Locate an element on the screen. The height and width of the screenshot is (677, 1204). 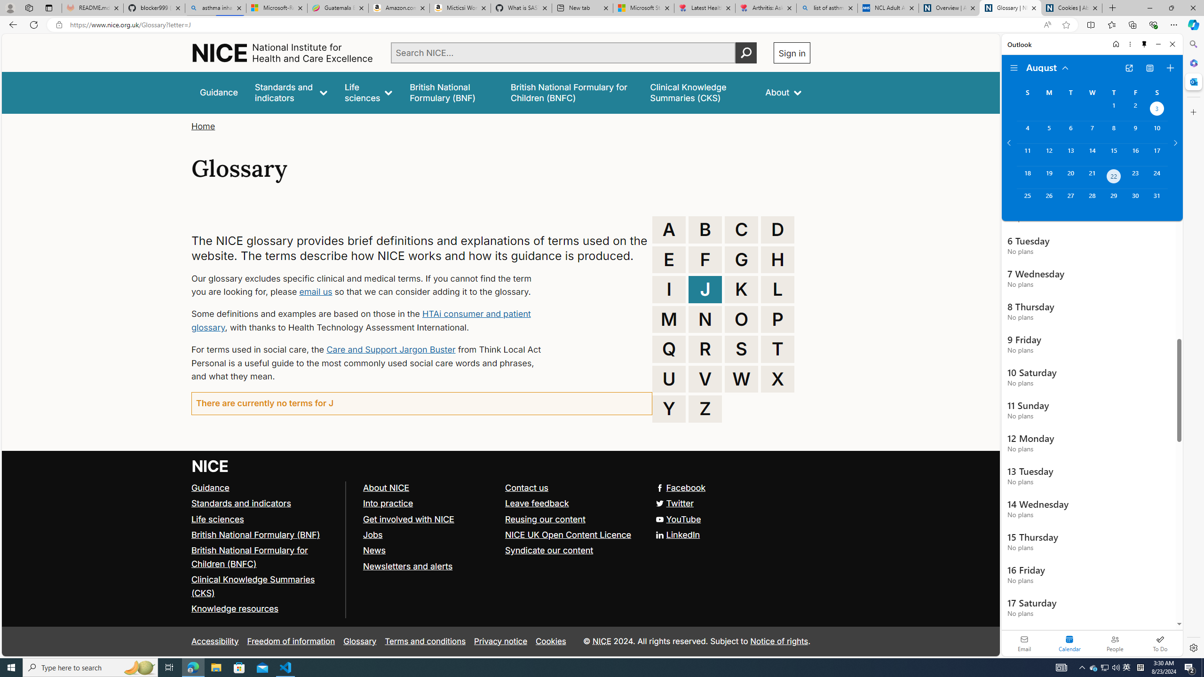
'U' is located at coordinates (669, 379).